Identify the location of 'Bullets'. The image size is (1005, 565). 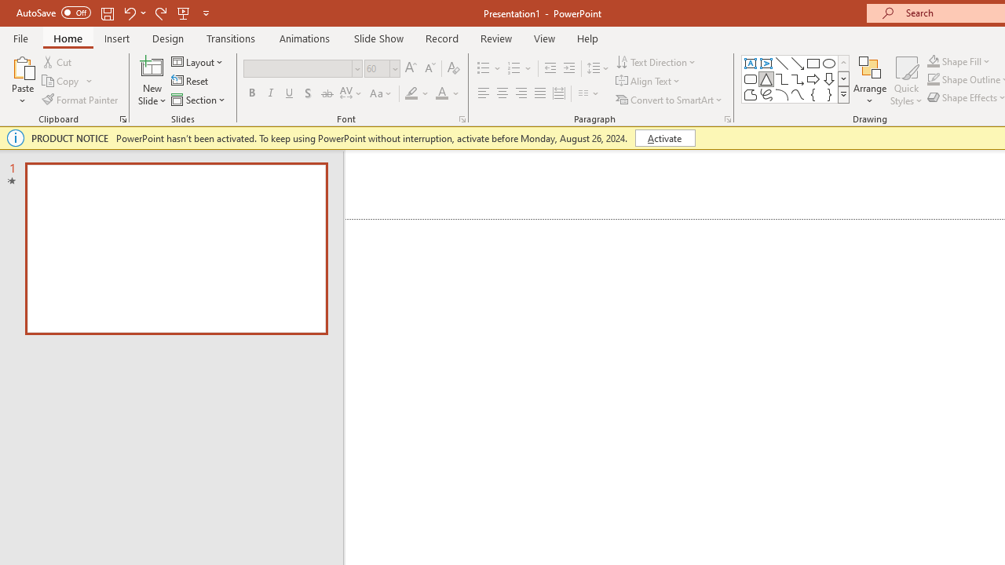
(483, 67).